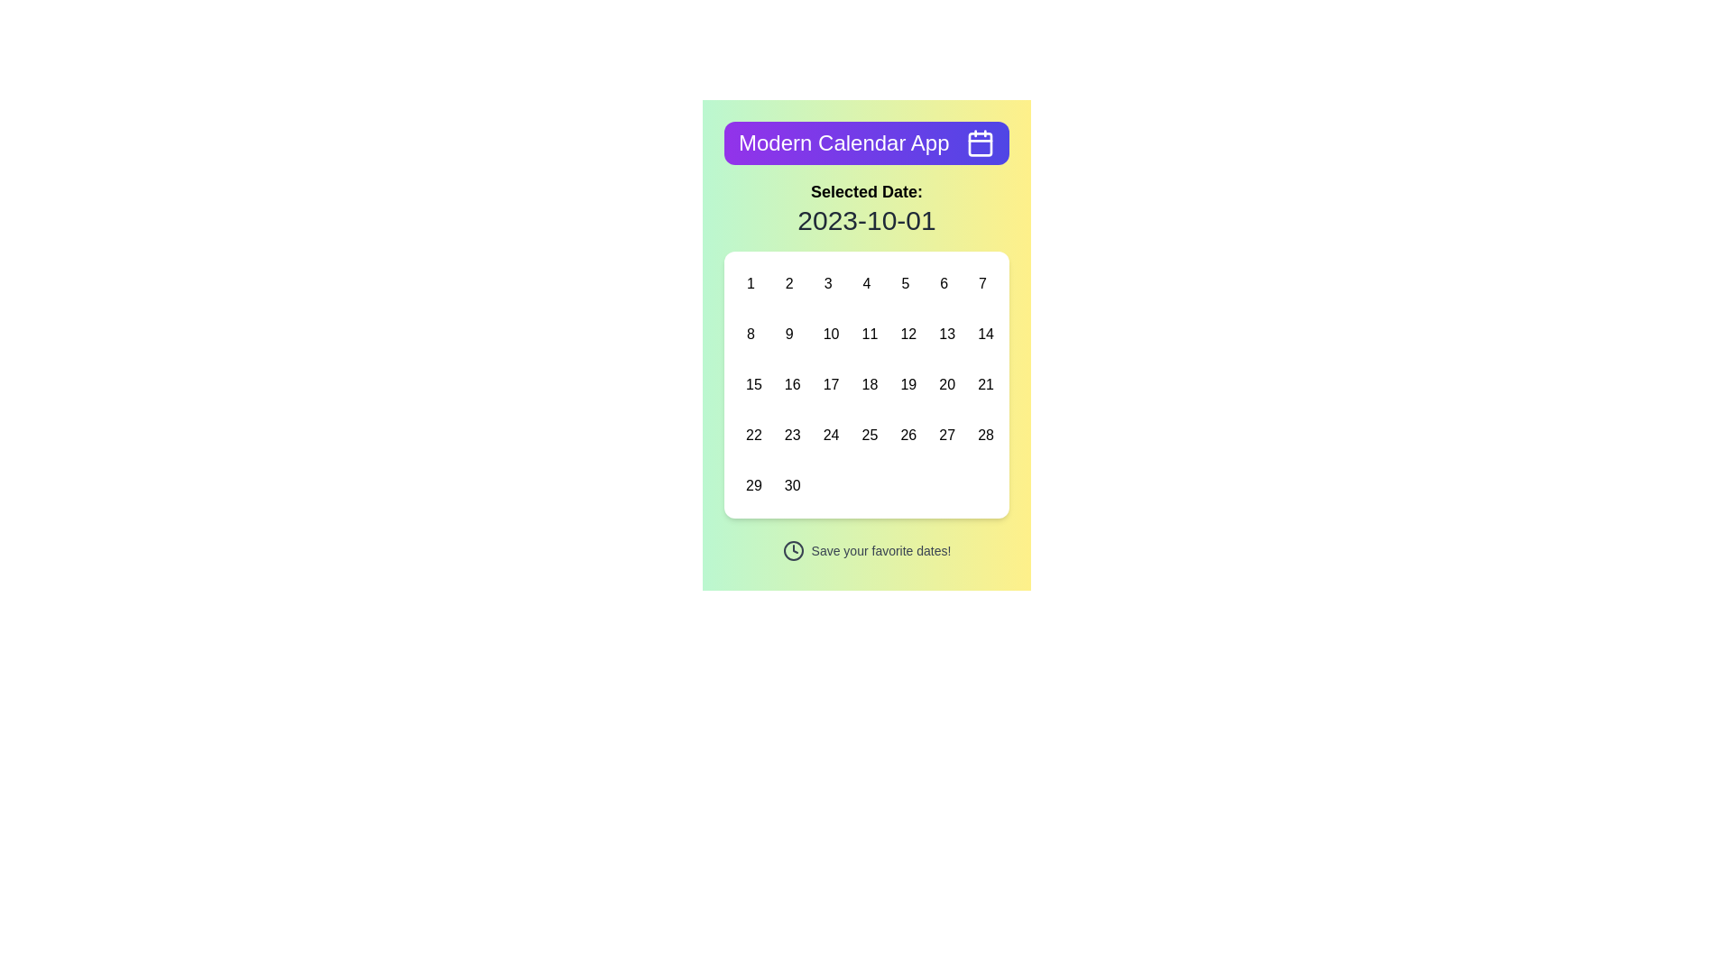 This screenshot has height=974, width=1732. I want to click on the small button labeled '15' in the calendar grid, so click(750, 384).